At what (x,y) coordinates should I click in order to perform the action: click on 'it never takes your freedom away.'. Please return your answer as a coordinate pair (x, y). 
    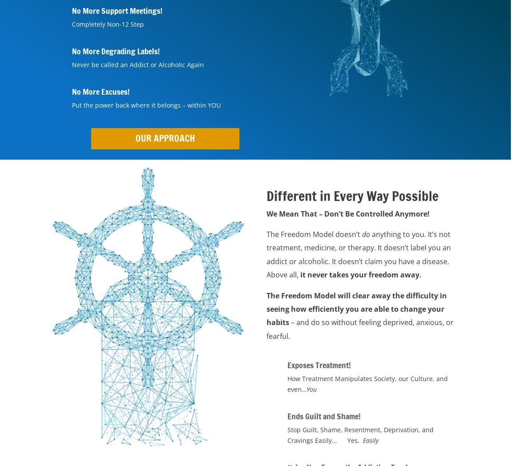
    Looking at the image, I should click on (359, 274).